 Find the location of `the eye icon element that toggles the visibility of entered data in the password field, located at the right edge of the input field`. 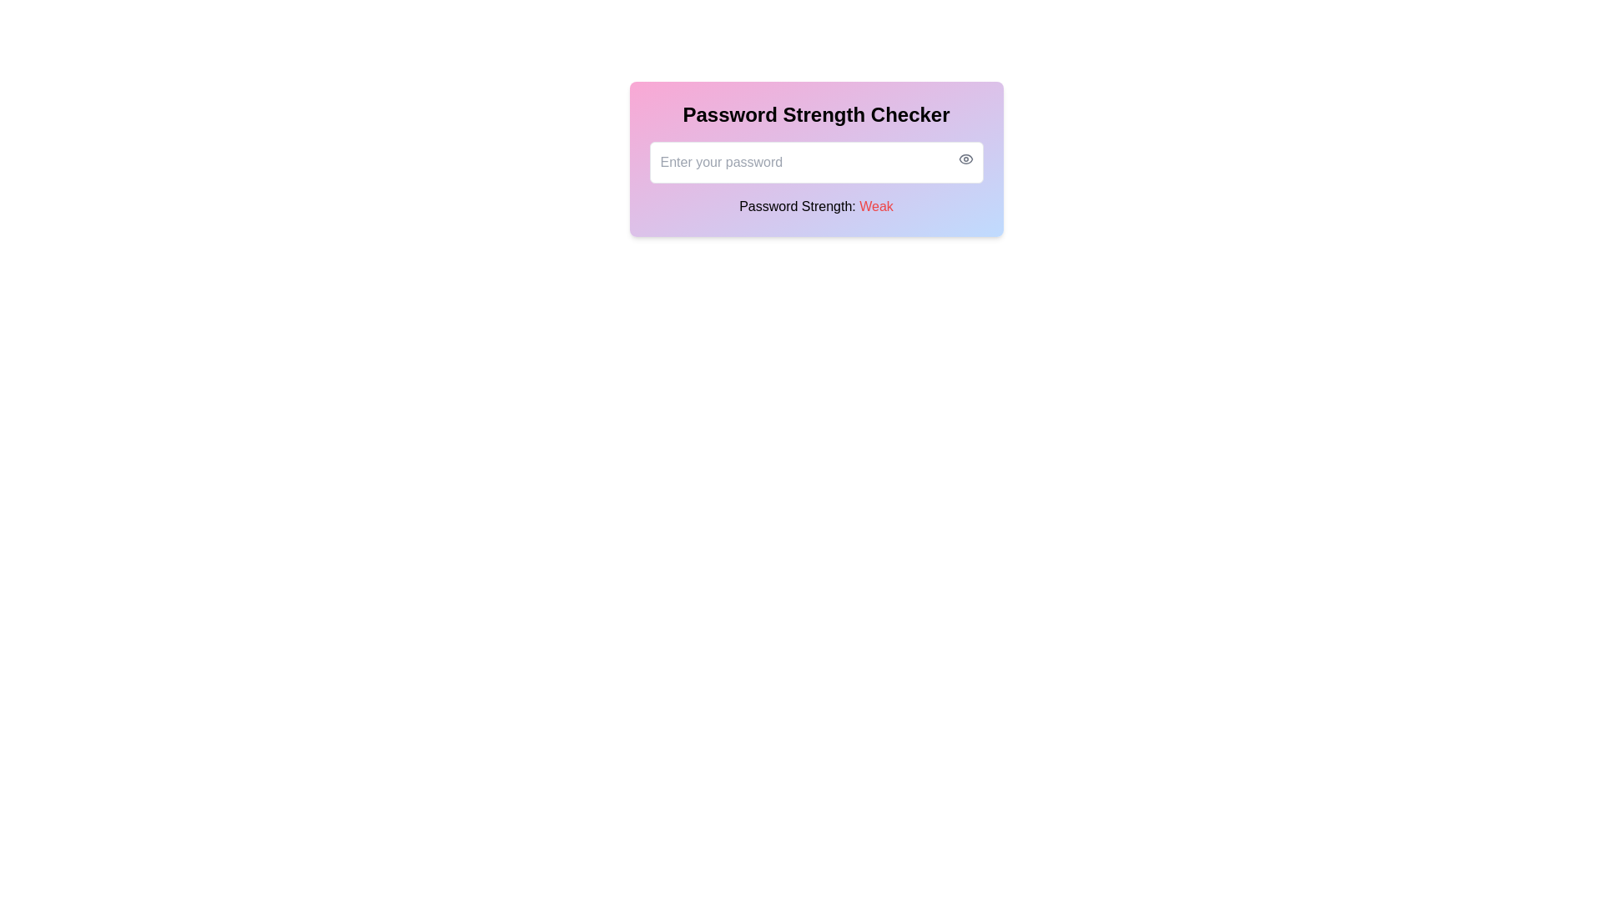

the eye icon element that toggles the visibility of entered data in the password field, located at the right edge of the input field is located at coordinates (965, 159).